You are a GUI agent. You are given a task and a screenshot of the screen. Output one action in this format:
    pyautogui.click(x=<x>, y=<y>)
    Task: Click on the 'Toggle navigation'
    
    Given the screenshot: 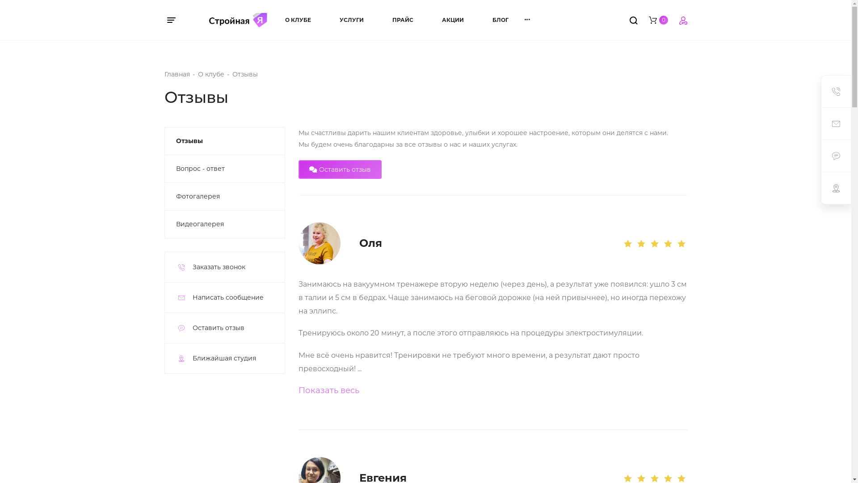 What is the action you would take?
    pyautogui.click(x=176, y=20)
    